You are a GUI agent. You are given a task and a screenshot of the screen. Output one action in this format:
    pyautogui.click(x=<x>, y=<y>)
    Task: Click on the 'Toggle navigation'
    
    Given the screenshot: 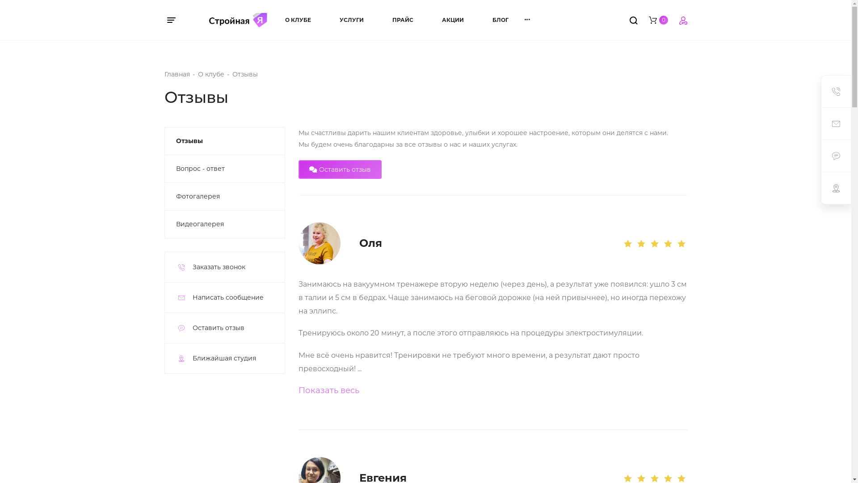 What is the action you would take?
    pyautogui.click(x=176, y=20)
    